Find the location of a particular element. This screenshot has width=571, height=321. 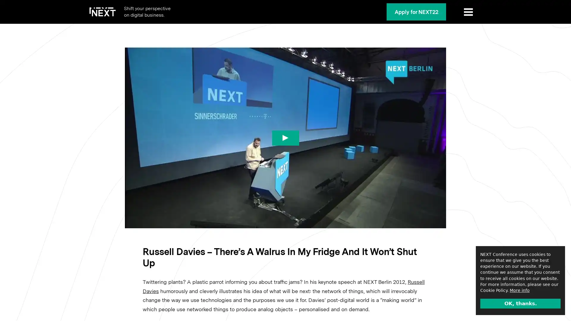

Show Menu is located at coordinates (468, 12).